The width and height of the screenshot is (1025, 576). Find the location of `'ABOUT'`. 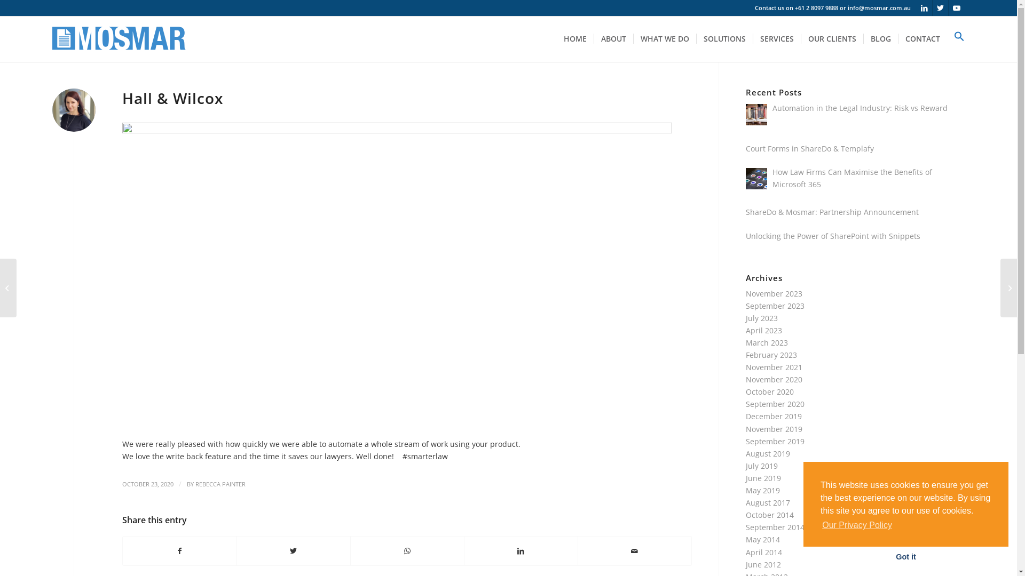

'ABOUT' is located at coordinates (593, 38).